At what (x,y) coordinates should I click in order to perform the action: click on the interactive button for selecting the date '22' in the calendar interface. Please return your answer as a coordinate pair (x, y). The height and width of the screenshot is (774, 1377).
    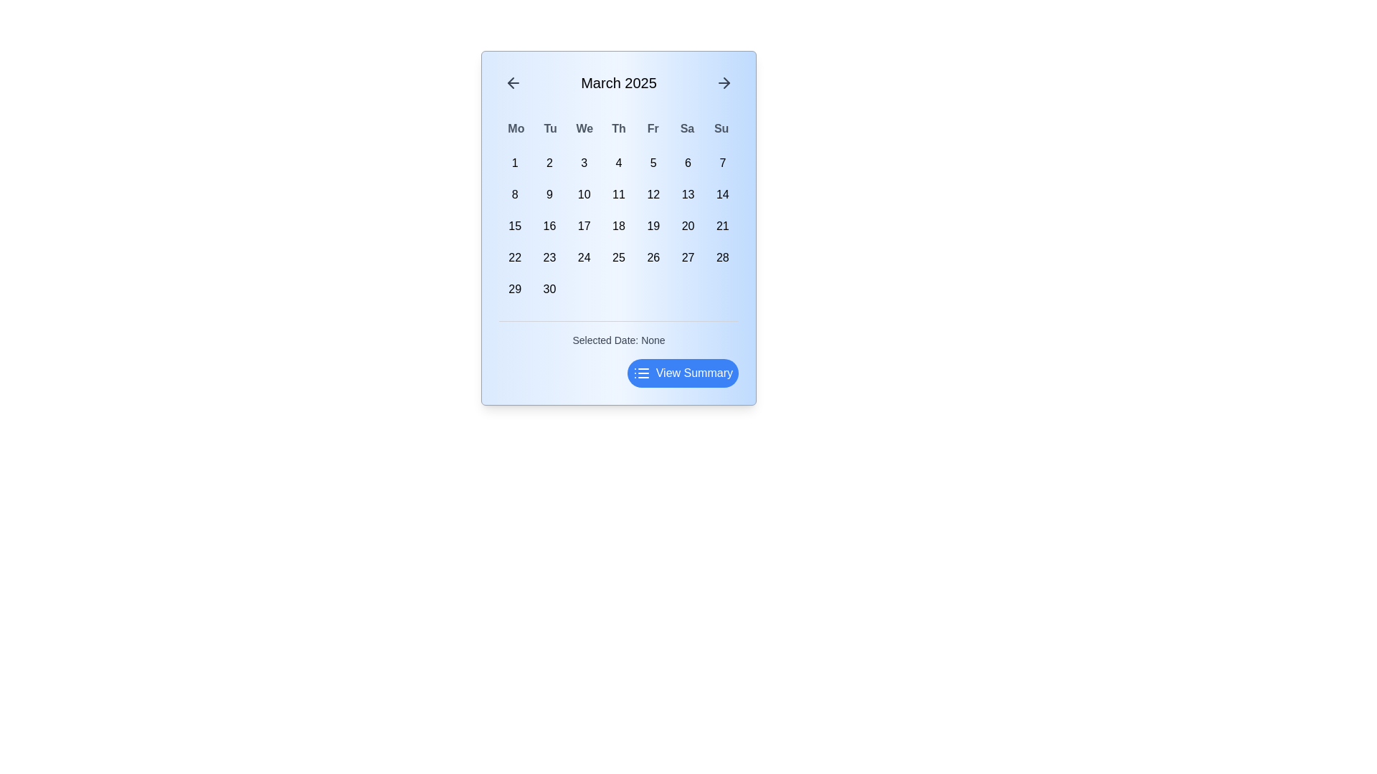
    Looking at the image, I should click on (515, 257).